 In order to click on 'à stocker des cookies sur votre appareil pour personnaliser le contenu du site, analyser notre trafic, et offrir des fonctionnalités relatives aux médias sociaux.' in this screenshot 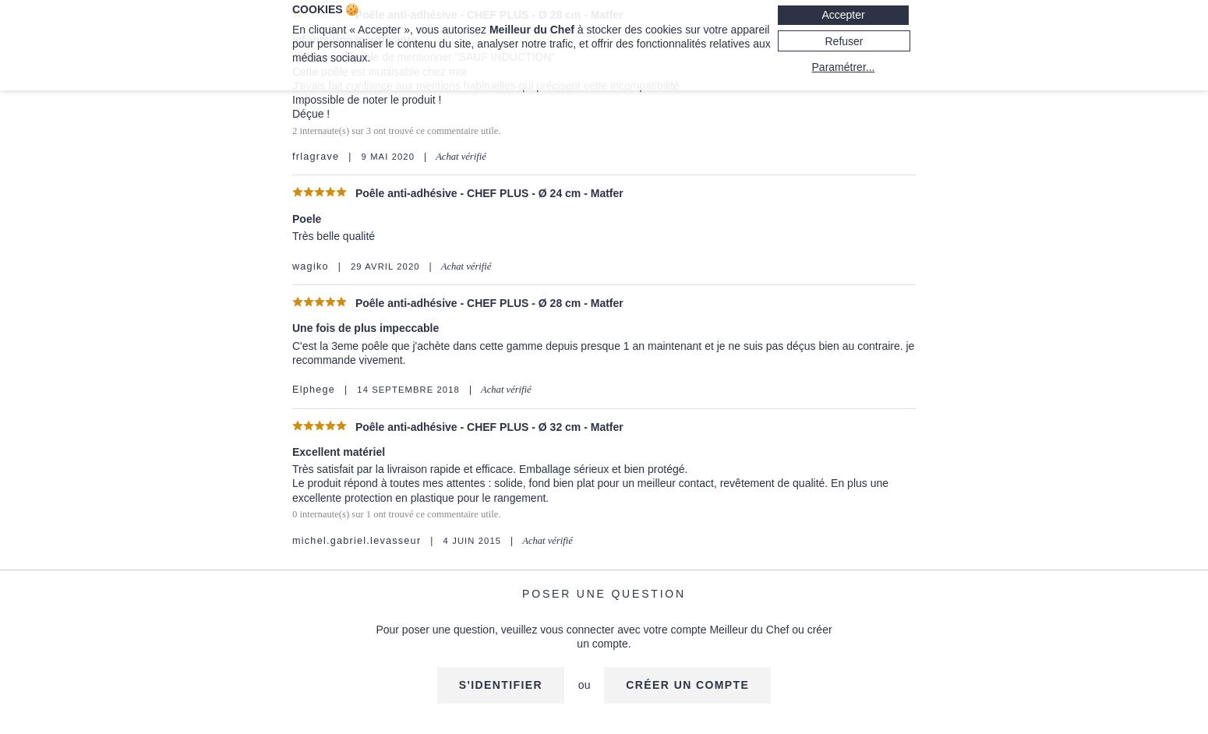, I will do `click(530, 42)`.